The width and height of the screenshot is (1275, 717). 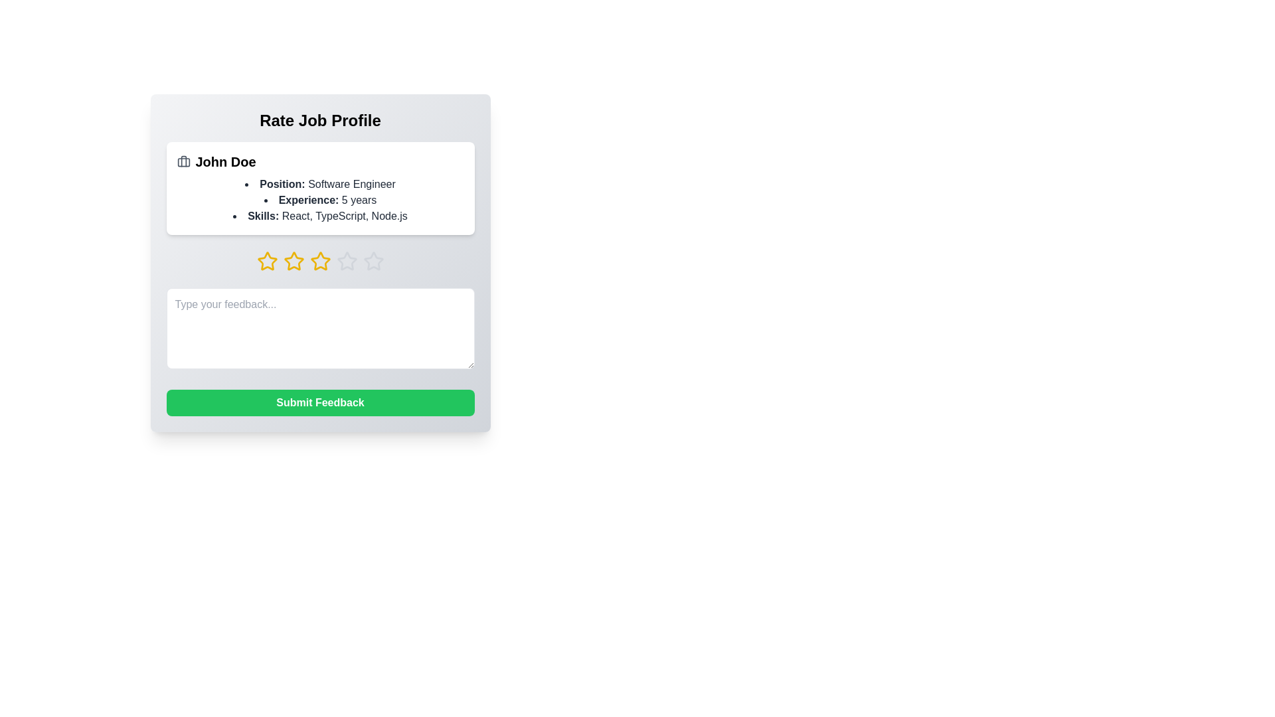 I want to click on the third star in the five-star rating system located in the 'Rate Job Profile' section, so click(x=320, y=261).